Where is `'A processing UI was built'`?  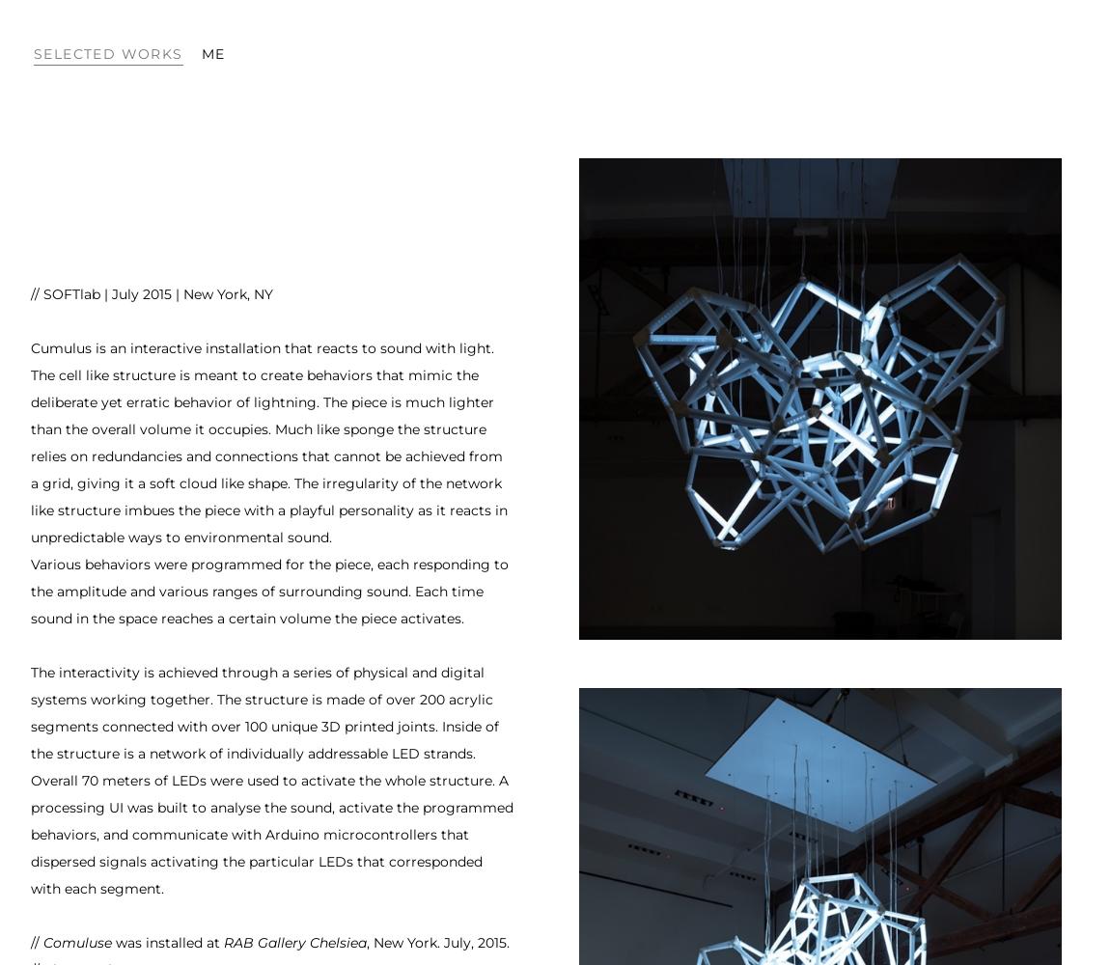 'A processing UI was built' is located at coordinates (268, 793).